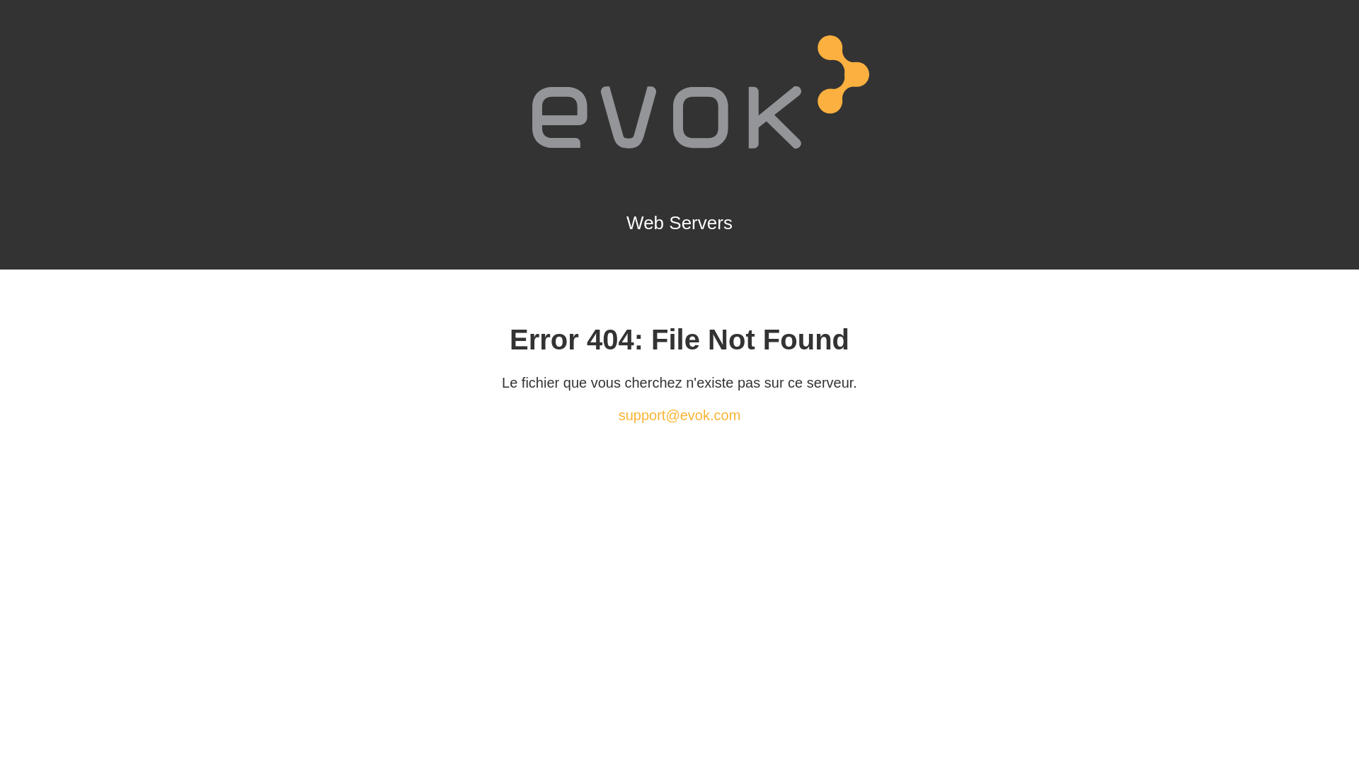 This screenshot has height=764, width=1359. What do you see at coordinates (679, 414) in the screenshot?
I see `'support@evok.com'` at bounding box center [679, 414].